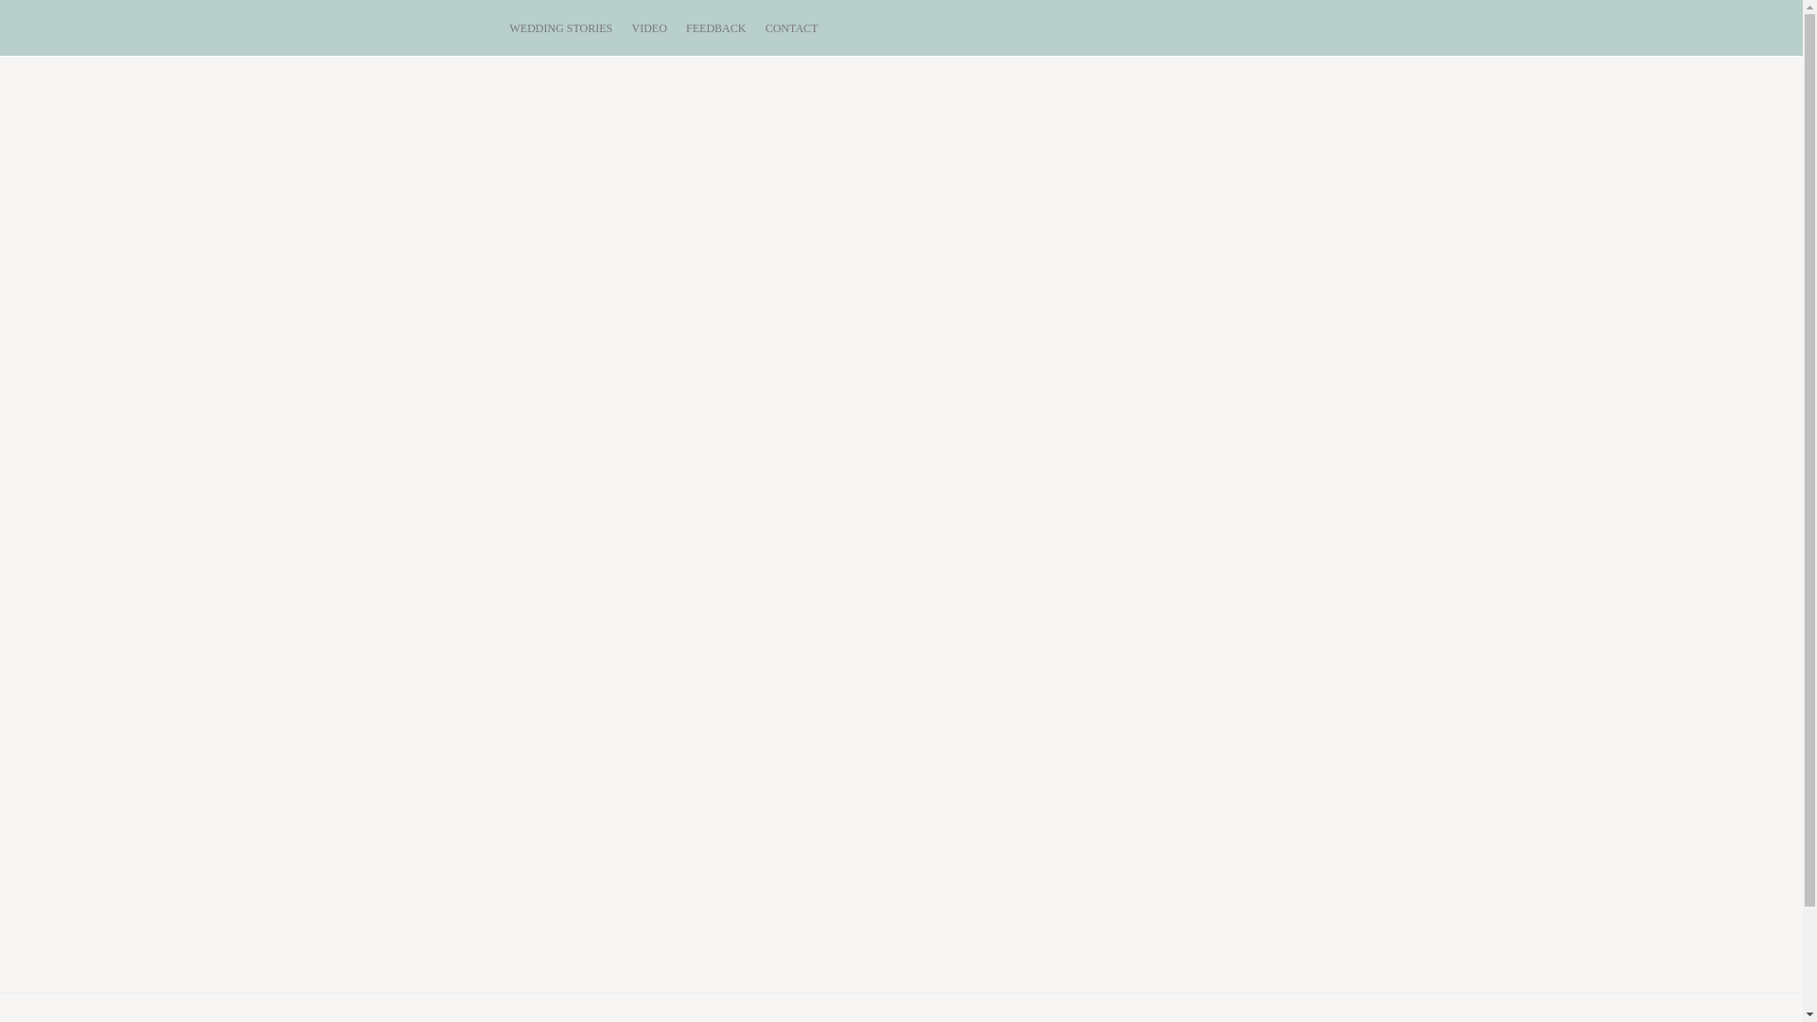 This screenshot has width=1817, height=1022. What do you see at coordinates (714, 28) in the screenshot?
I see `'FEEDBACK'` at bounding box center [714, 28].